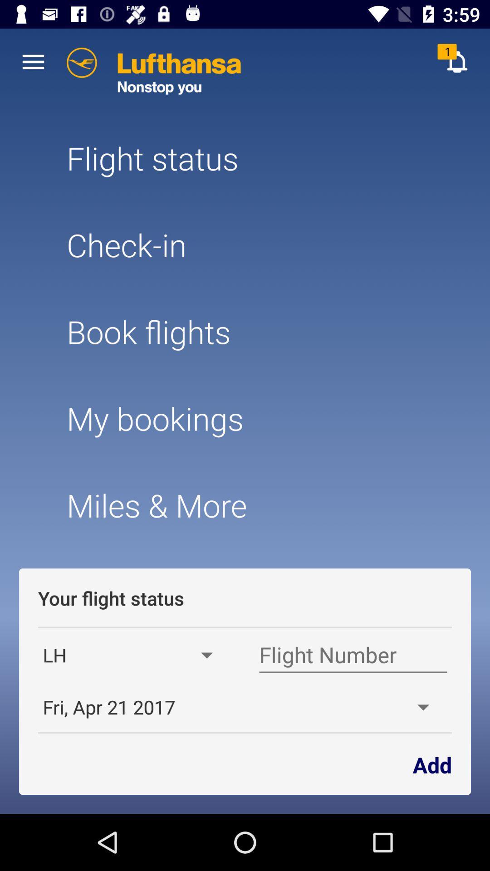 The height and width of the screenshot is (871, 490). Describe the element at coordinates (245, 504) in the screenshot. I see `the icon below my bookings` at that location.